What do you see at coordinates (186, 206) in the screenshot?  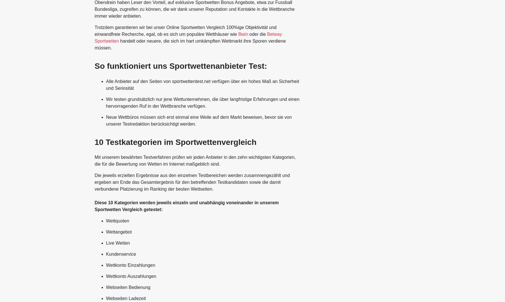 I see `'Diese 10 Kategorien werden jeweils einzeln und unabhängig voneinander in unserem Sportwetten Vergleich getestet:'` at bounding box center [186, 206].